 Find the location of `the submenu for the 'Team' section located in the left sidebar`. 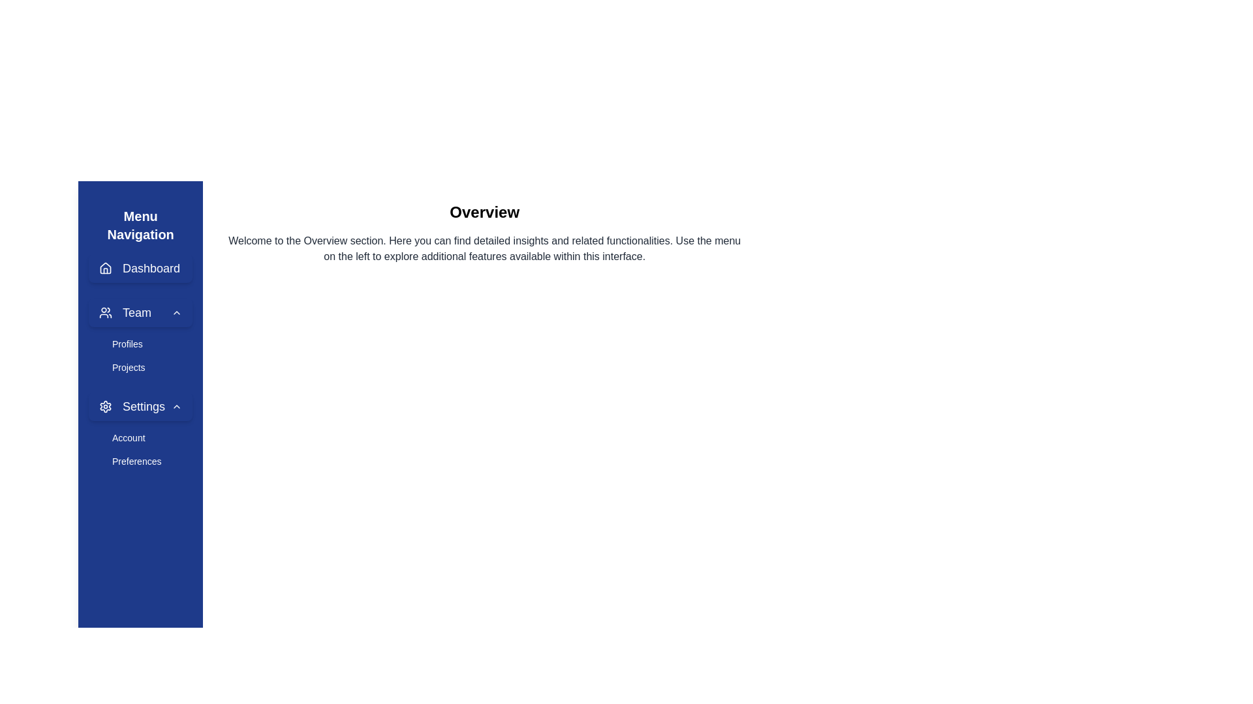

the submenu for the 'Team' section located in the left sidebar is located at coordinates (148, 356).